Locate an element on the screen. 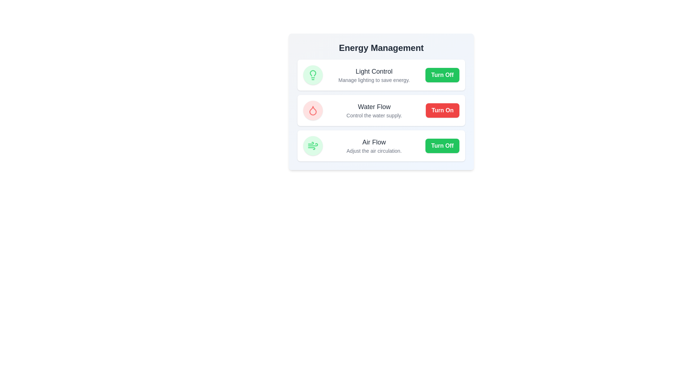  the airflow control icon located in the bottom-right corner of the interface card displaying 'Air Flow' information, next to the 'Turn Off' button is located at coordinates (313, 146).